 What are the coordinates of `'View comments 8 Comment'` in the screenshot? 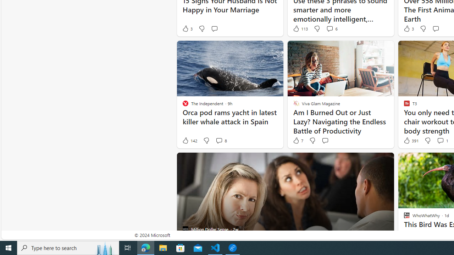 It's located at (221, 141).